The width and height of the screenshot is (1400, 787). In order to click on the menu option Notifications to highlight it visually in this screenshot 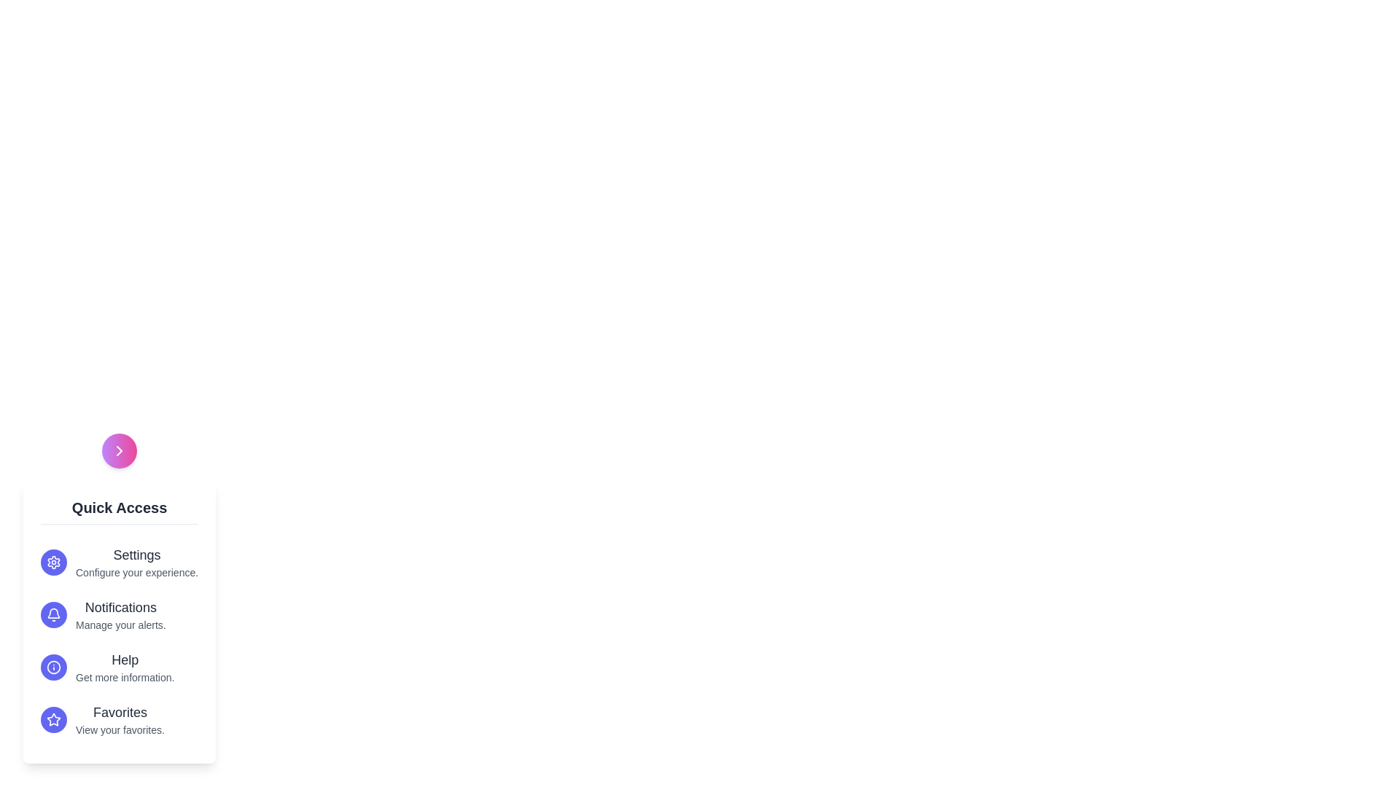, I will do `click(119, 615)`.